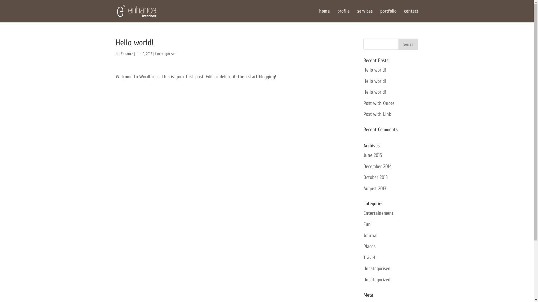 This screenshot has width=538, height=302. What do you see at coordinates (388, 15) in the screenshot?
I see `'portfolio'` at bounding box center [388, 15].